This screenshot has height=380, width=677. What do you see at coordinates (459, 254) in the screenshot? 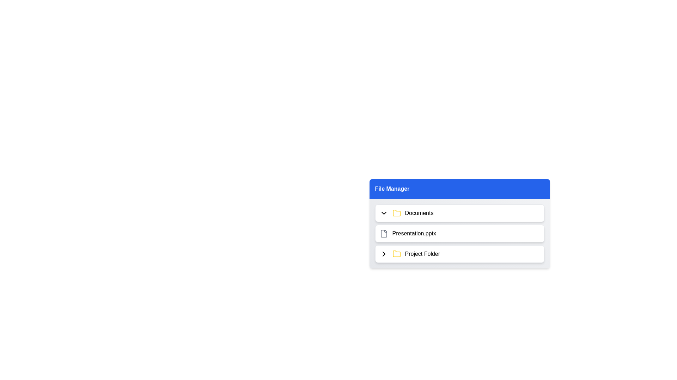
I see `the item Project Folder to observe its hover effect` at bounding box center [459, 254].